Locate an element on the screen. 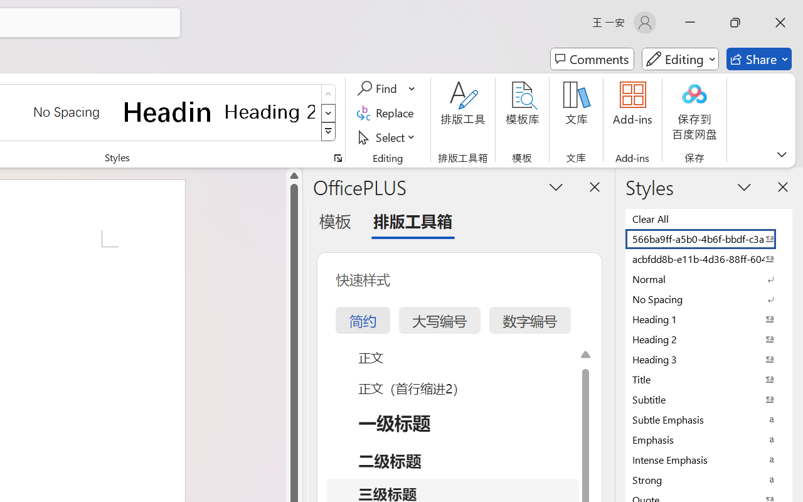 Image resolution: width=803 pixels, height=502 pixels. 'Replace...' is located at coordinates (386, 112).